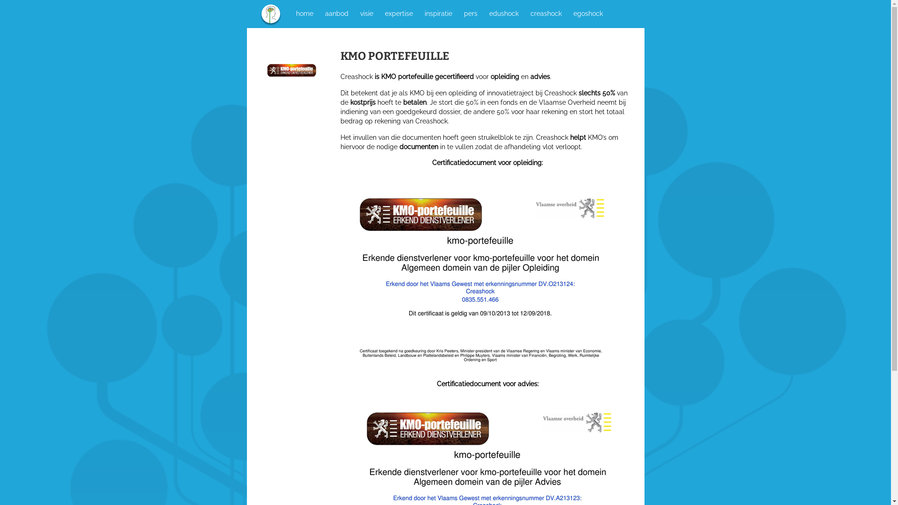  I want to click on 'visie', so click(365, 13).